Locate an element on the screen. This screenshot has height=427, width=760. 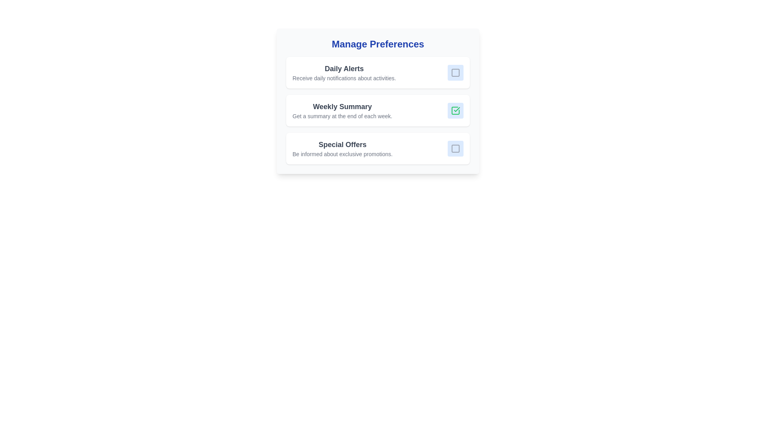
static text label that provides a description of the 'Weekly Summary' feature, located beneath the title 'Weekly Summary' in the 'Manage Preferences' section is located at coordinates (342, 116).